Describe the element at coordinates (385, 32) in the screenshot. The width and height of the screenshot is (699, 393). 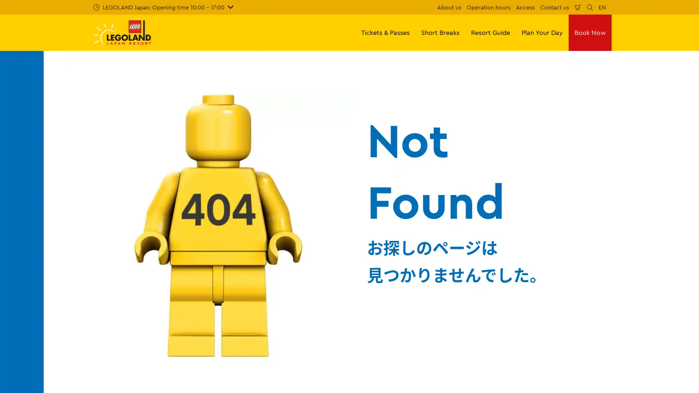
I see `Tickets & Passes` at that location.